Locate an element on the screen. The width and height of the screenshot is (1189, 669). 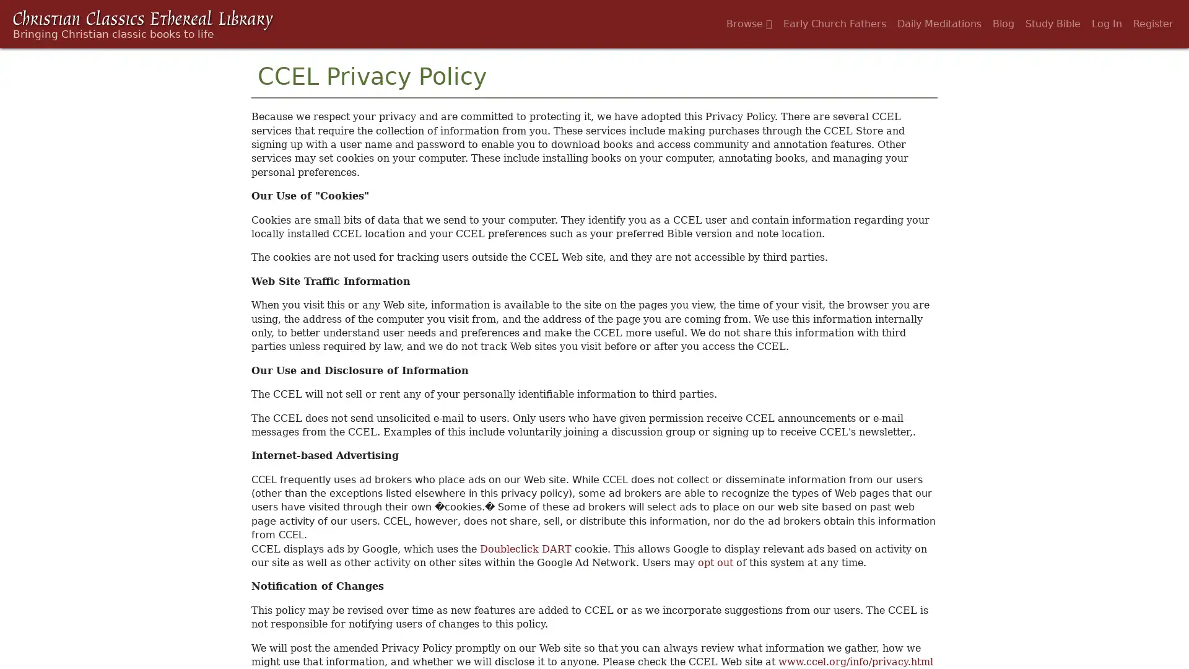
Daily Meditations is located at coordinates (939, 24).